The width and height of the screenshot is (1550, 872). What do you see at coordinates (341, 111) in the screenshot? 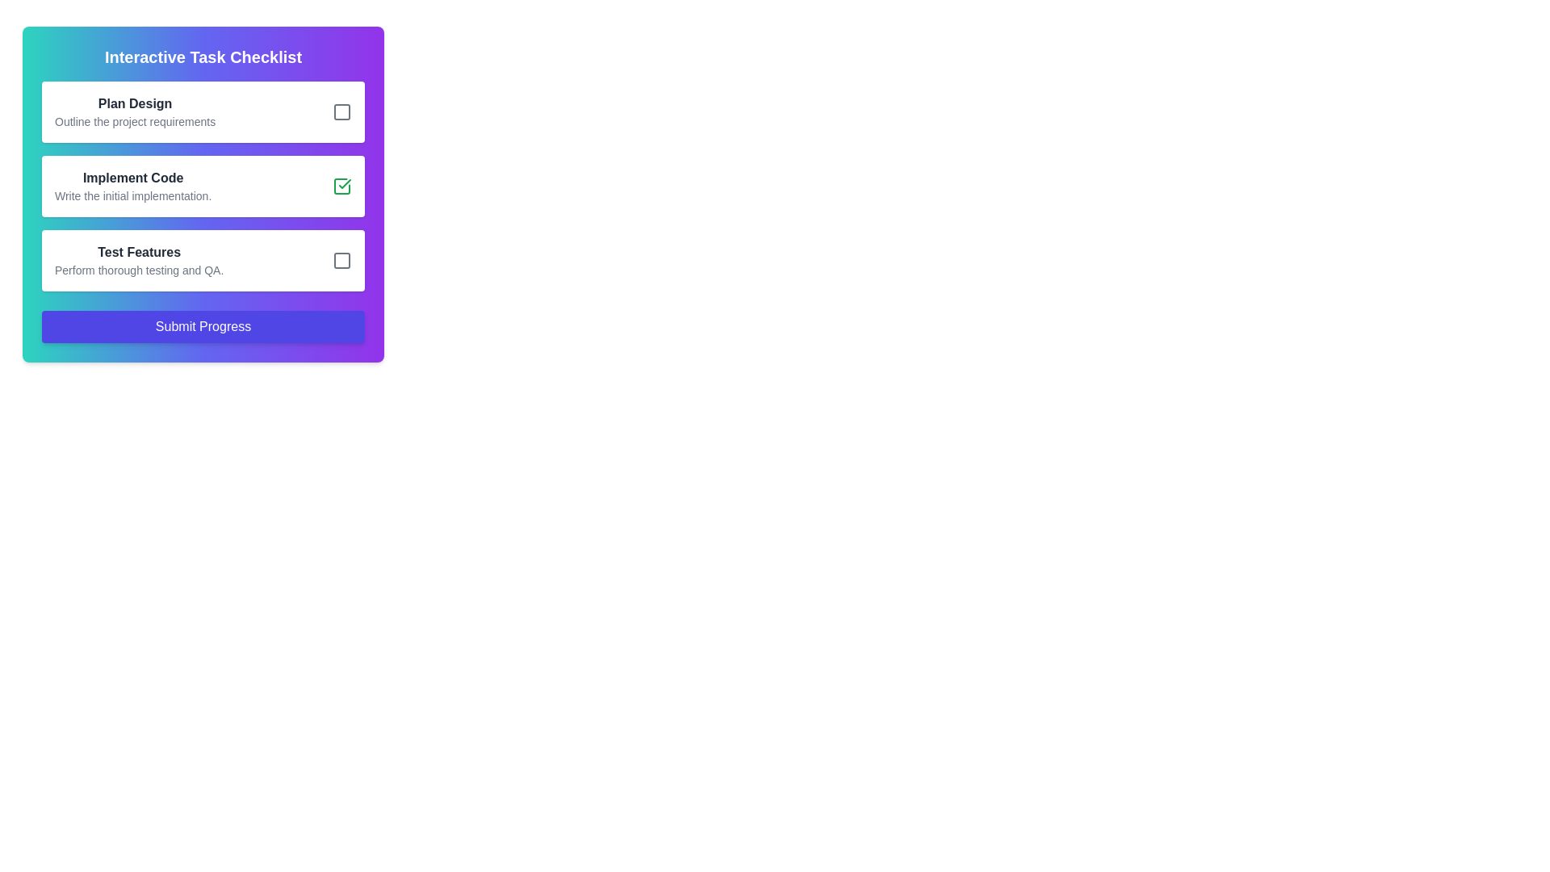
I see `the checkbox located to the right of the 'Plan Design' text in the checklist interface` at bounding box center [341, 111].